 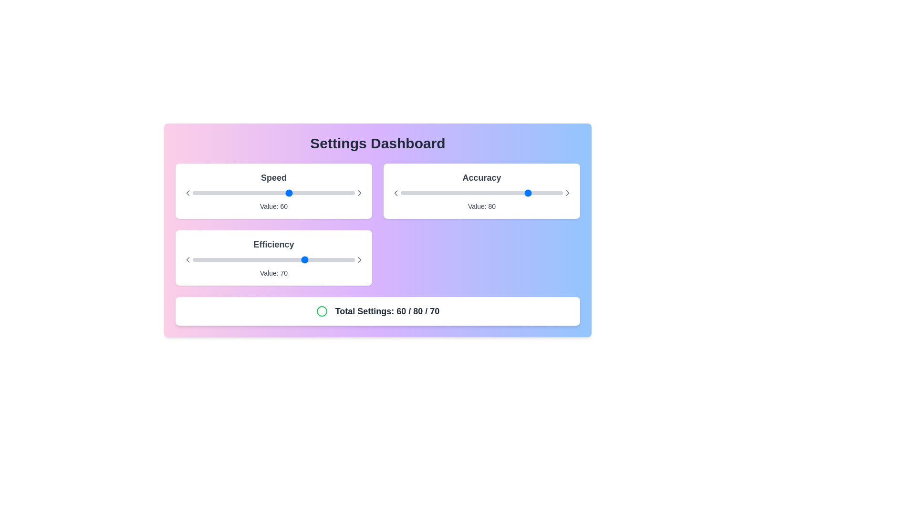 What do you see at coordinates (339, 193) in the screenshot?
I see `the speed slider` at bounding box center [339, 193].